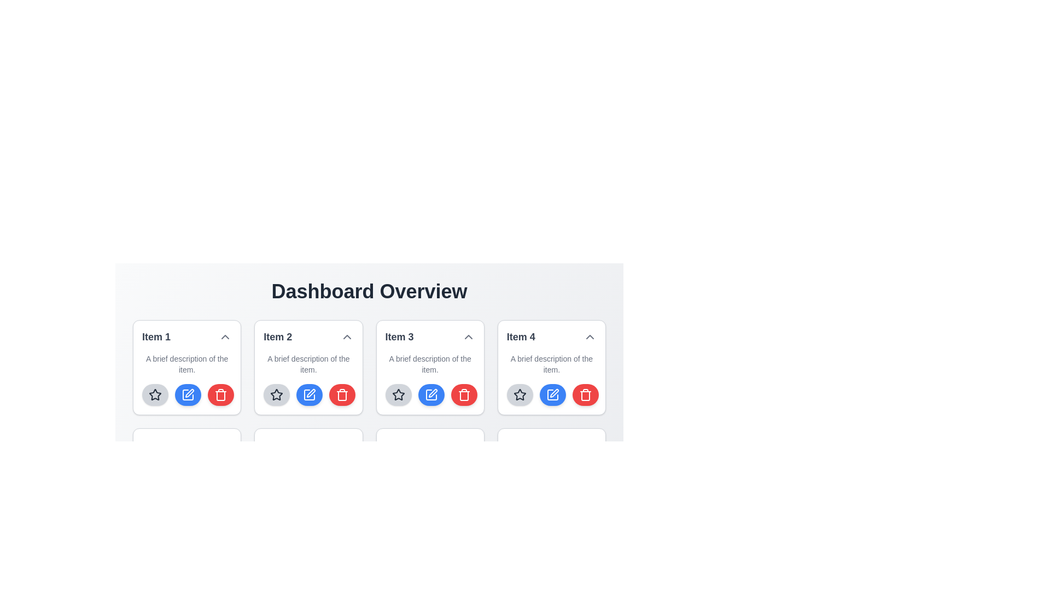 The height and width of the screenshot is (590, 1050). What do you see at coordinates (188, 394) in the screenshot?
I see `the circular blue button with a white pen icon in the center, located in the middle of the bottom row of buttons in the first card of the dashboard` at bounding box center [188, 394].